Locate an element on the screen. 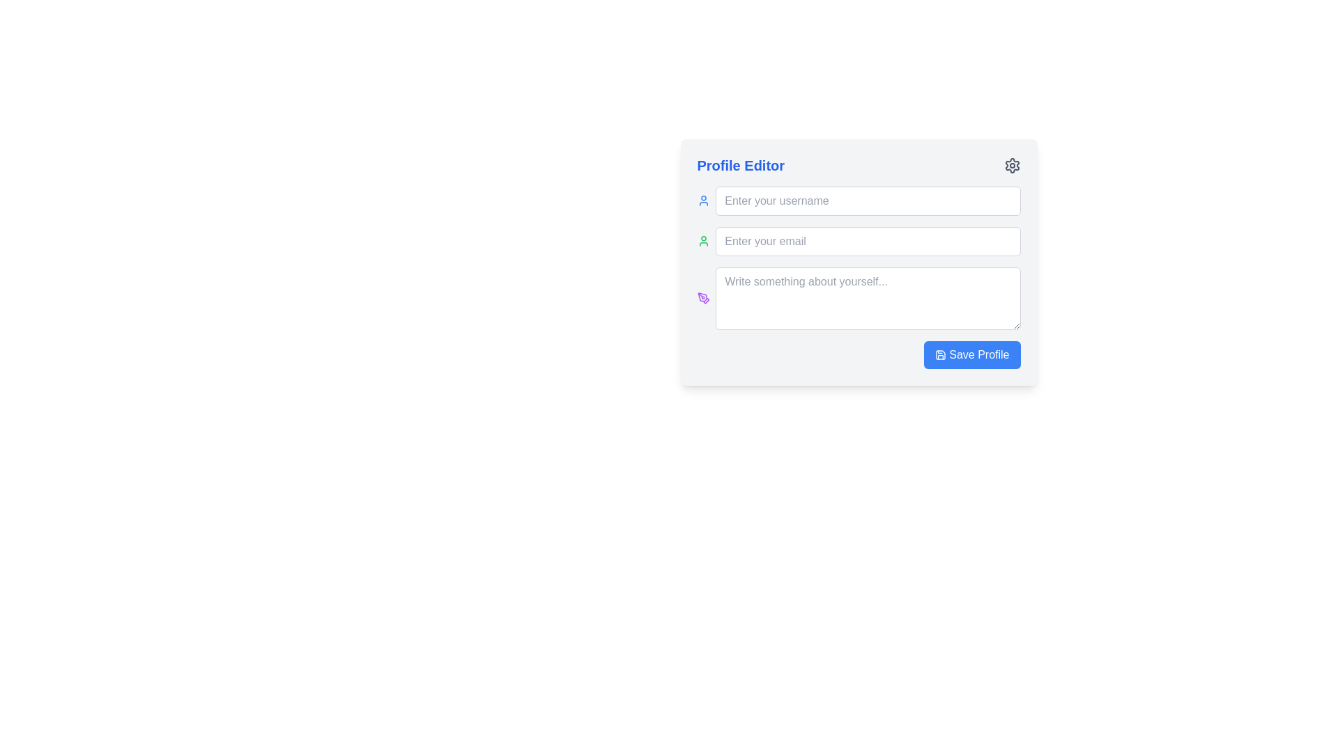 This screenshot has width=1338, height=752. the save functionality icon located to the left of the 'Save Profile' button at the bottom right corner of the 'Profile Editor' interface is located at coordinates (941, 354).